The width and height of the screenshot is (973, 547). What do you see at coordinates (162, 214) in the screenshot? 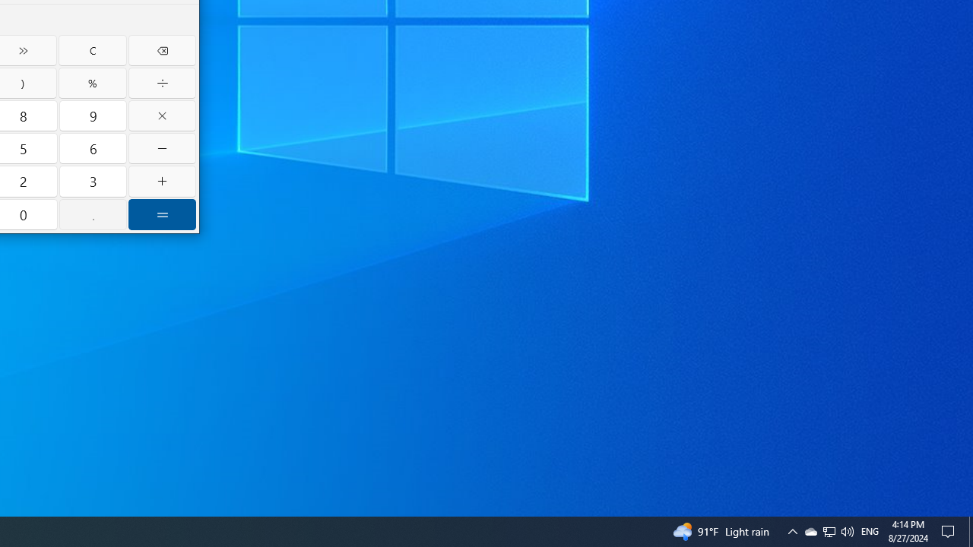
I see `'Equals'` at bounding box center [162, 214].